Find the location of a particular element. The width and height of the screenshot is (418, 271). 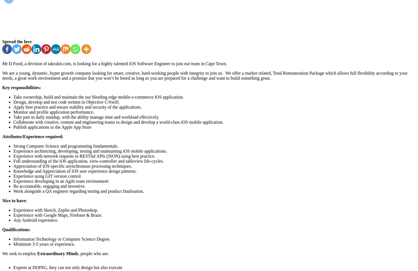

'Spread the love' is located at coordinates (17, 41).